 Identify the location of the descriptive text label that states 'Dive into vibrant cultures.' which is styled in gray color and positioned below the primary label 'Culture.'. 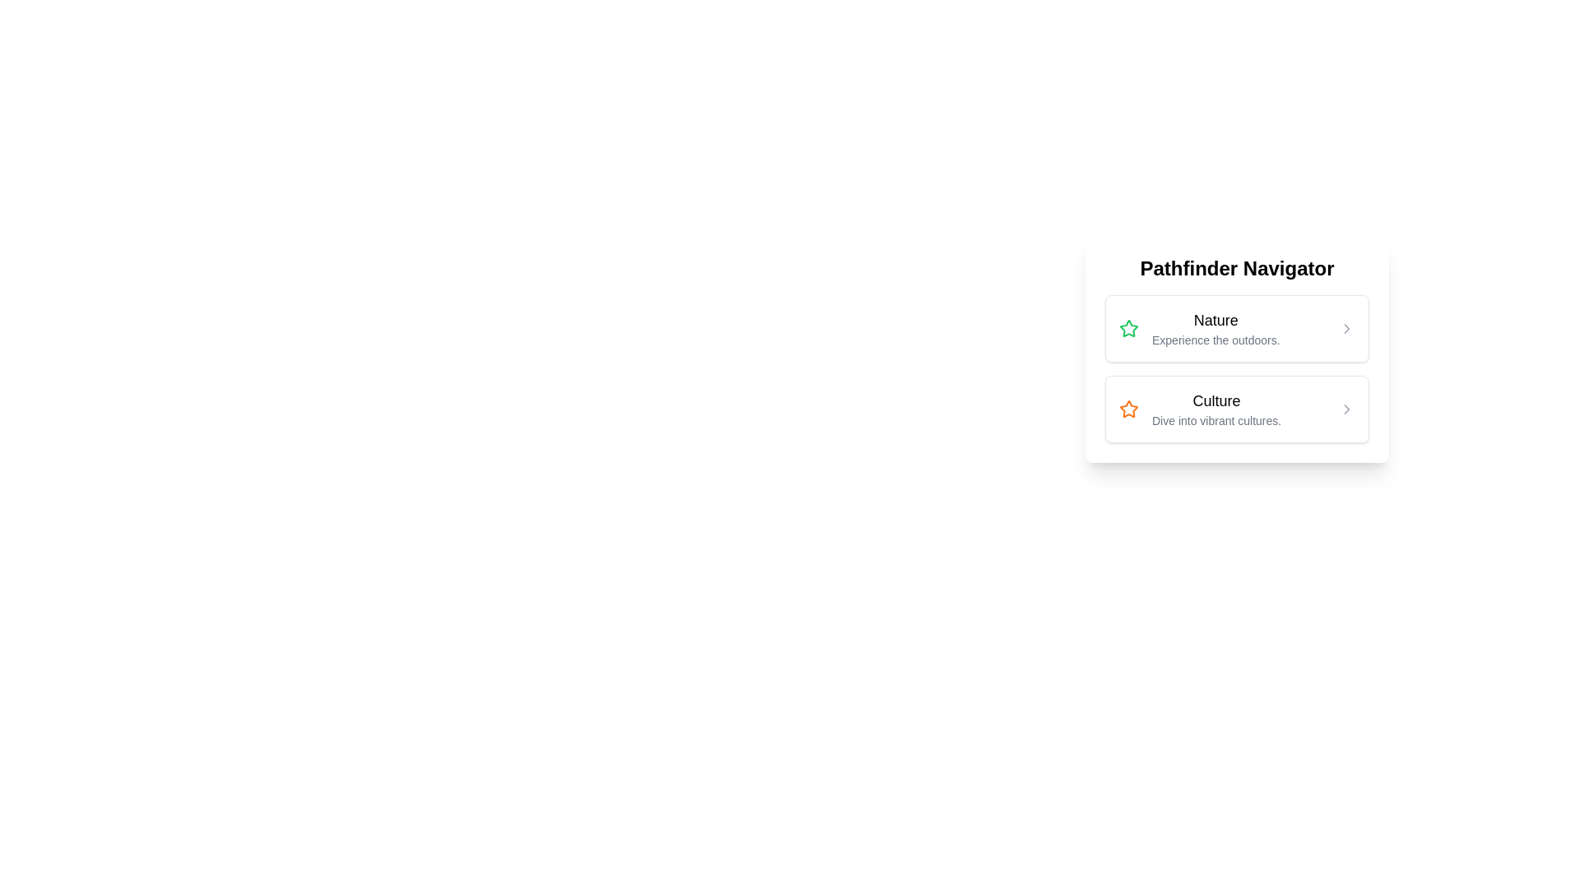
(1216, 420).